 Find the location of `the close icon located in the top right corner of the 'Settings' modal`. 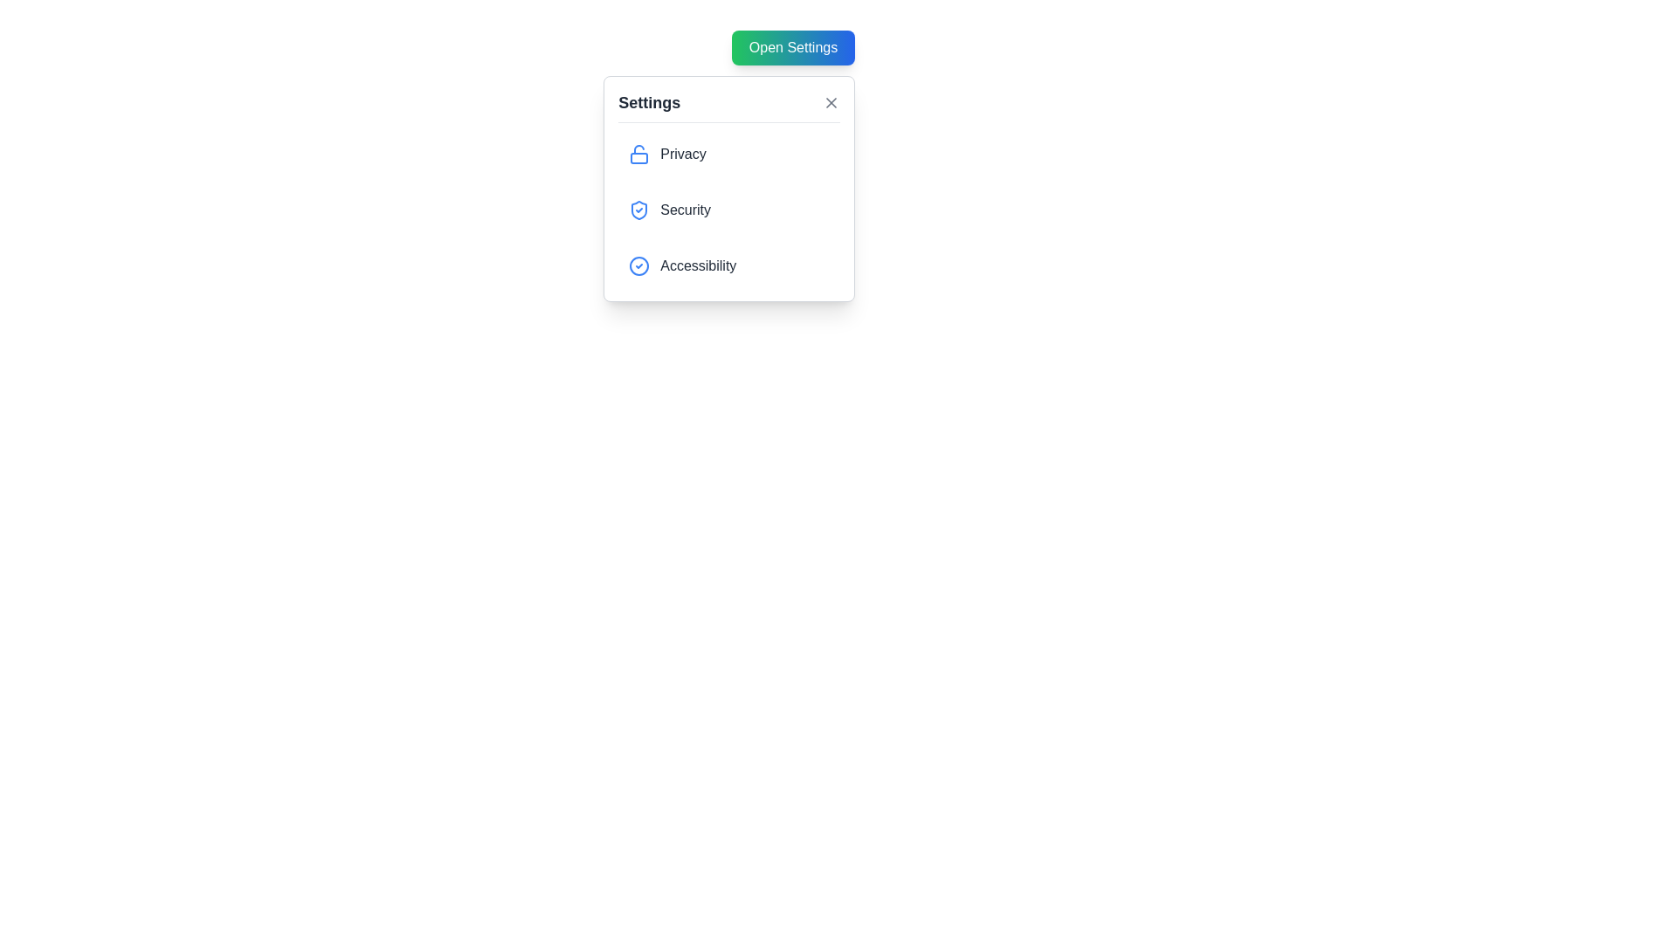

the close icon located in the top right corner of the 'Settings' modal is located at coordinates (831, 103).